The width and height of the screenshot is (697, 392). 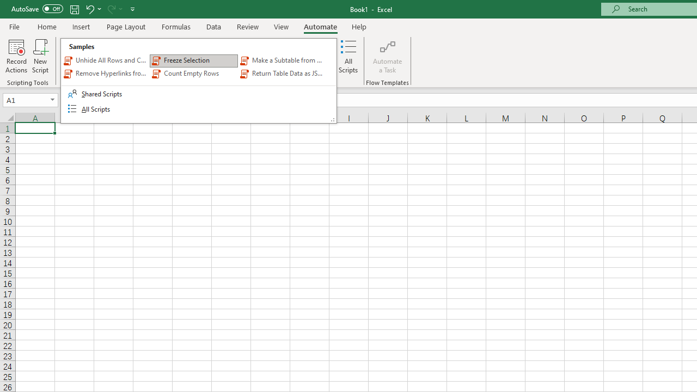 What do you see at coordinates (81, 26) in the screenshot?
I see `'Insert'` at bounding box center [81, 26].